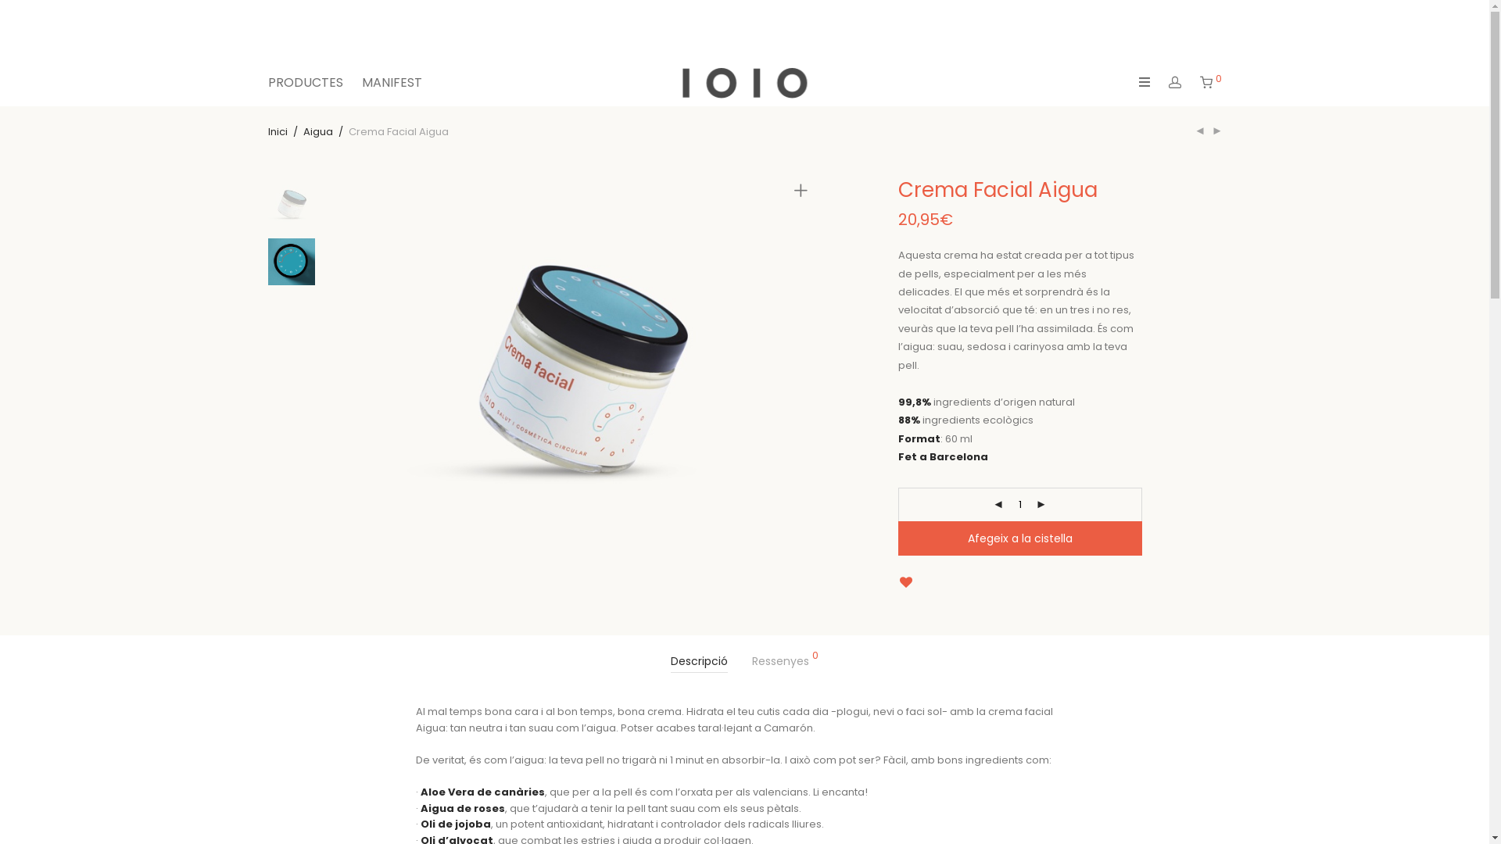  What do you see at coordinates (1019, 538) in the screenshot?
I see `'Afegeix a la cistella'` at bounding box center [1019, 538].